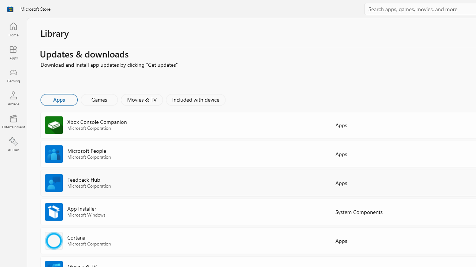 Image resolution: width=476 pixels, height=267 pixels. Describe the element at coordinates (142, 99) in the screenshot. I see `'Movies & TV'` at that location.